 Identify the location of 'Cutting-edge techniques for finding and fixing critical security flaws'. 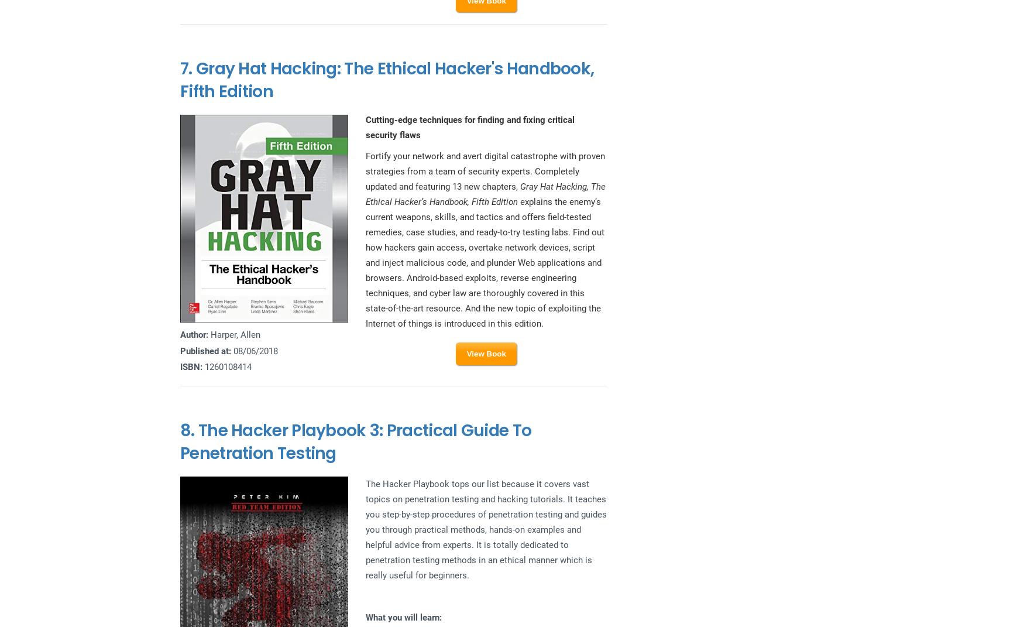
(469, 126).